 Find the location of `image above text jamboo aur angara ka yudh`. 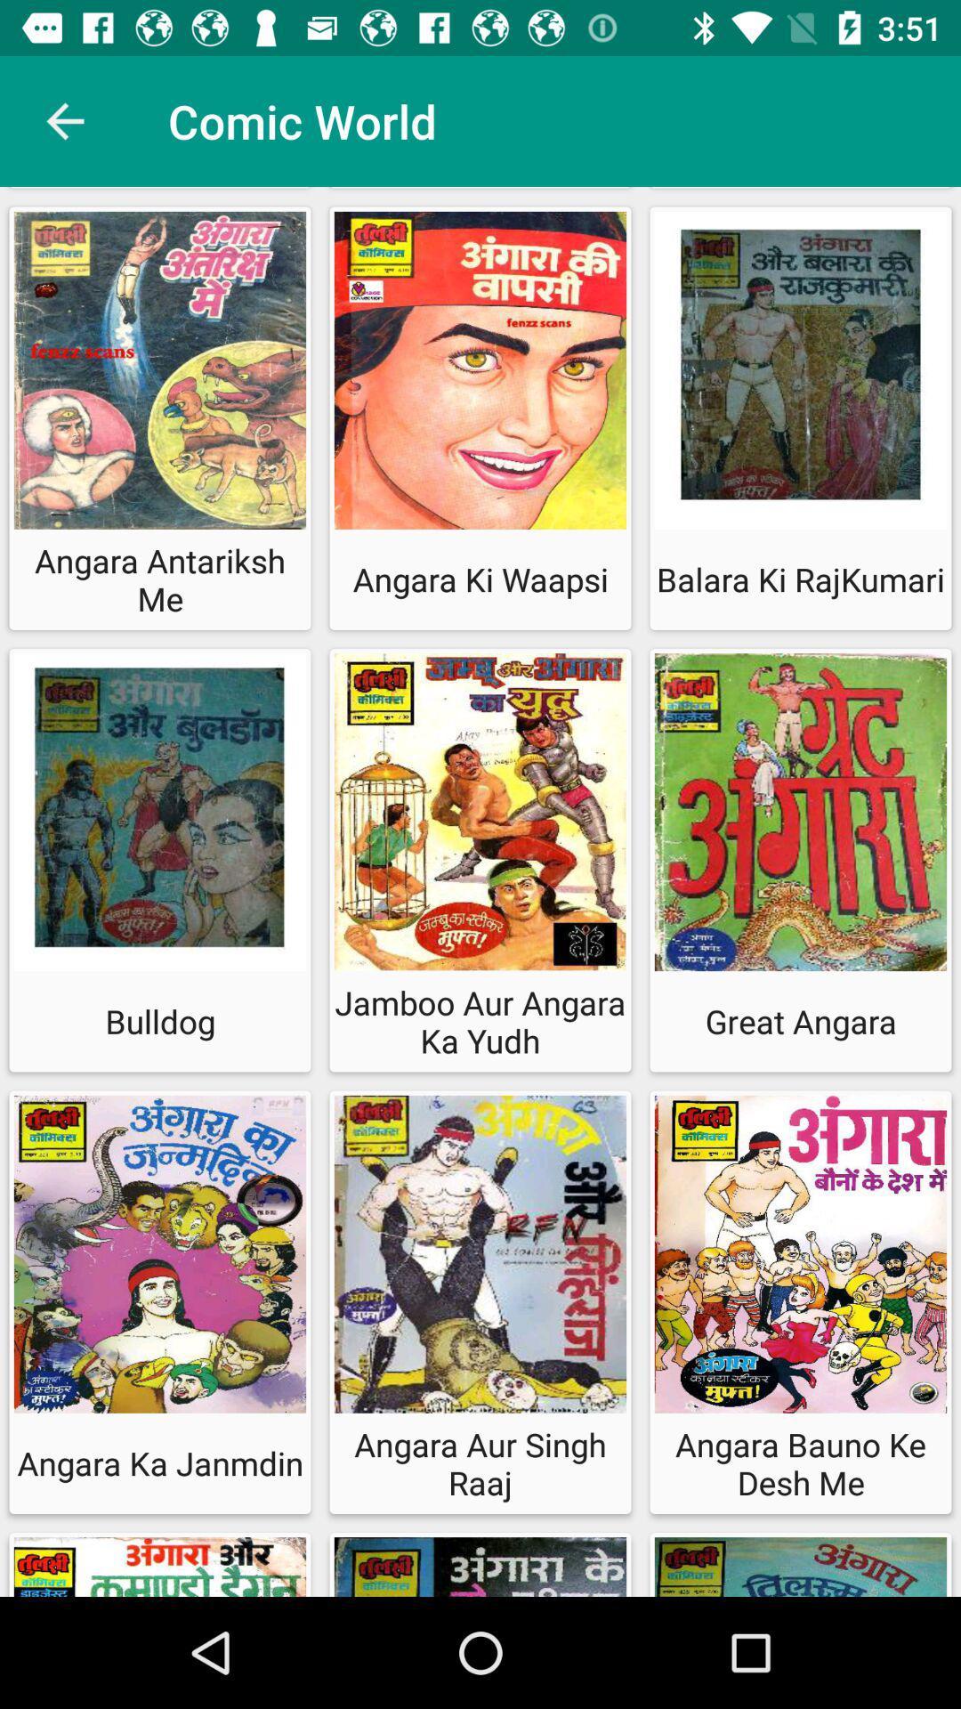

image above text jamboo aur angara ka yudh is located at coordinates (480, 815).